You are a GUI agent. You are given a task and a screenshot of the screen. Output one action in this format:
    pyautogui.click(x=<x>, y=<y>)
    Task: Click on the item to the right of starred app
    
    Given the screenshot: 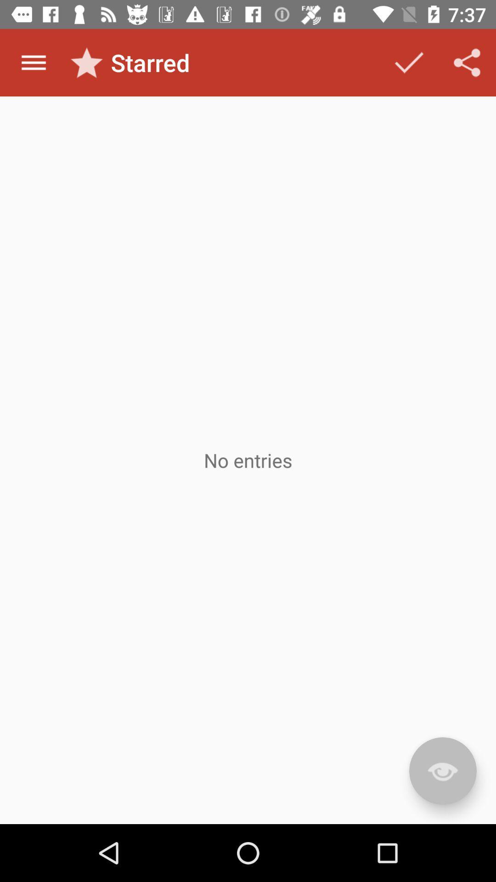 What is the action you would take?
    pyautogui.click(x=409, y=62)
    